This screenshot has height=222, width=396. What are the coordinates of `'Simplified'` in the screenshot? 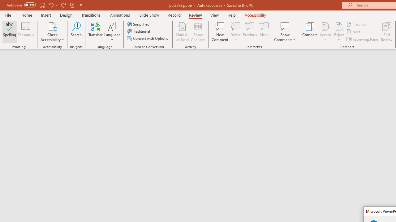 It's located at (139, 24).